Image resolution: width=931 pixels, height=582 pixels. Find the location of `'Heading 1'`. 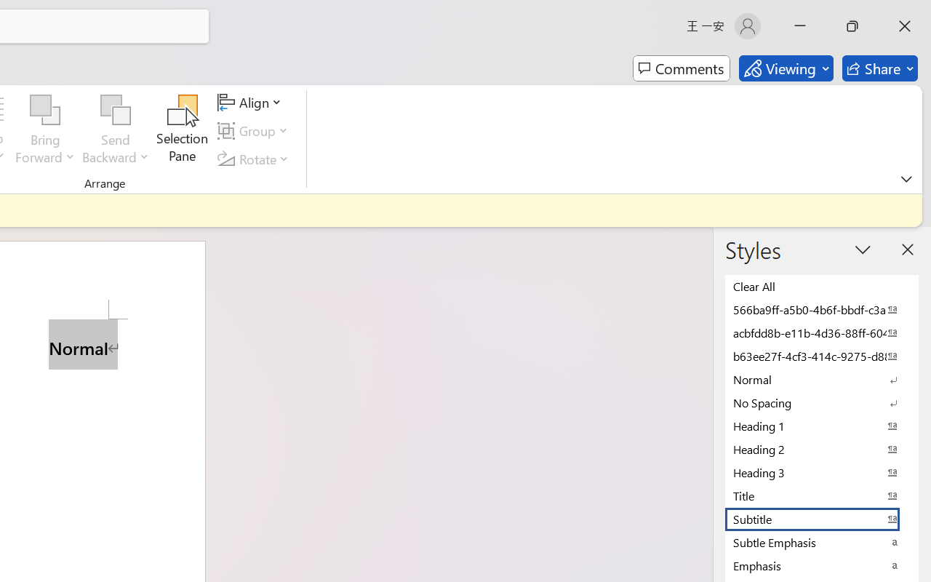

'Heading 1' is located at coordinates (822, 425).